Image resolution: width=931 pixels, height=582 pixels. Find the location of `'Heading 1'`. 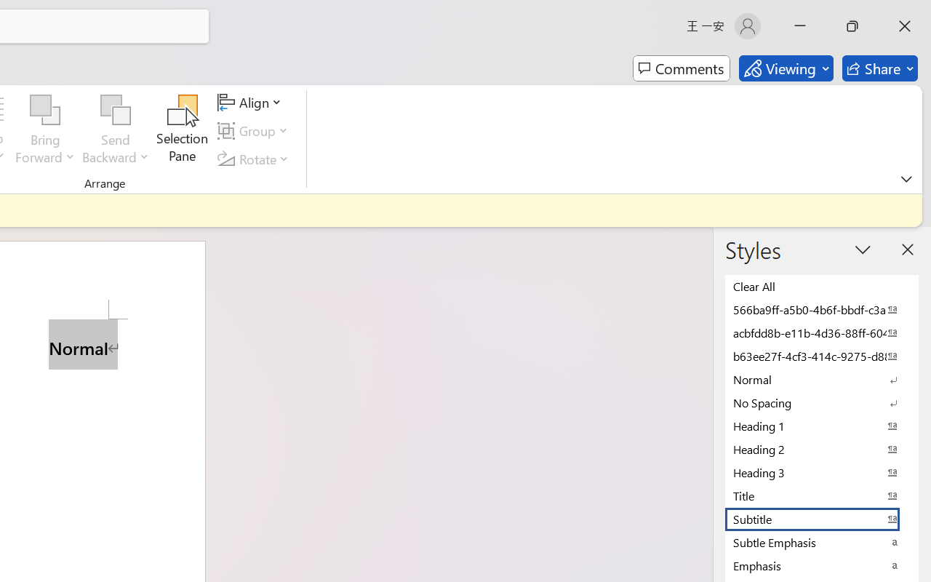

'Heading 1' is located at coordinates (822, 425).